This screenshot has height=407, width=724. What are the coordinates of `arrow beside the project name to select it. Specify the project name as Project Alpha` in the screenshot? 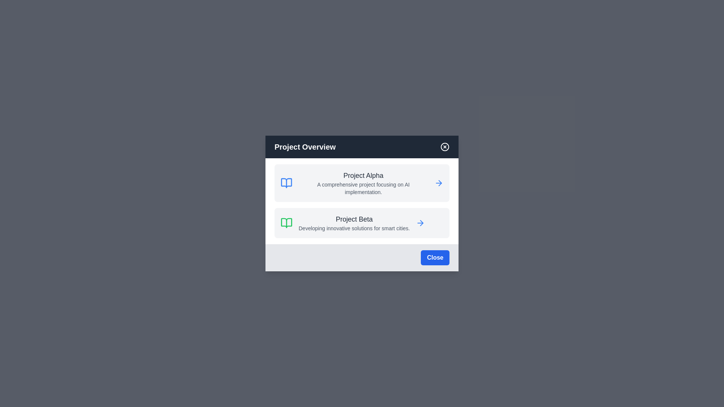 It's located at (439, 183).